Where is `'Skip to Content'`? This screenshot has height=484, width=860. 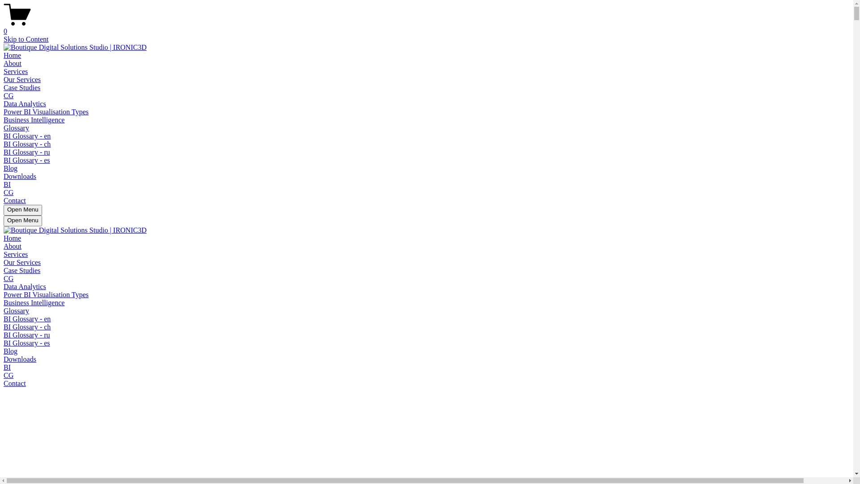 'Skip to Content' is located at coordinates (4, 39).